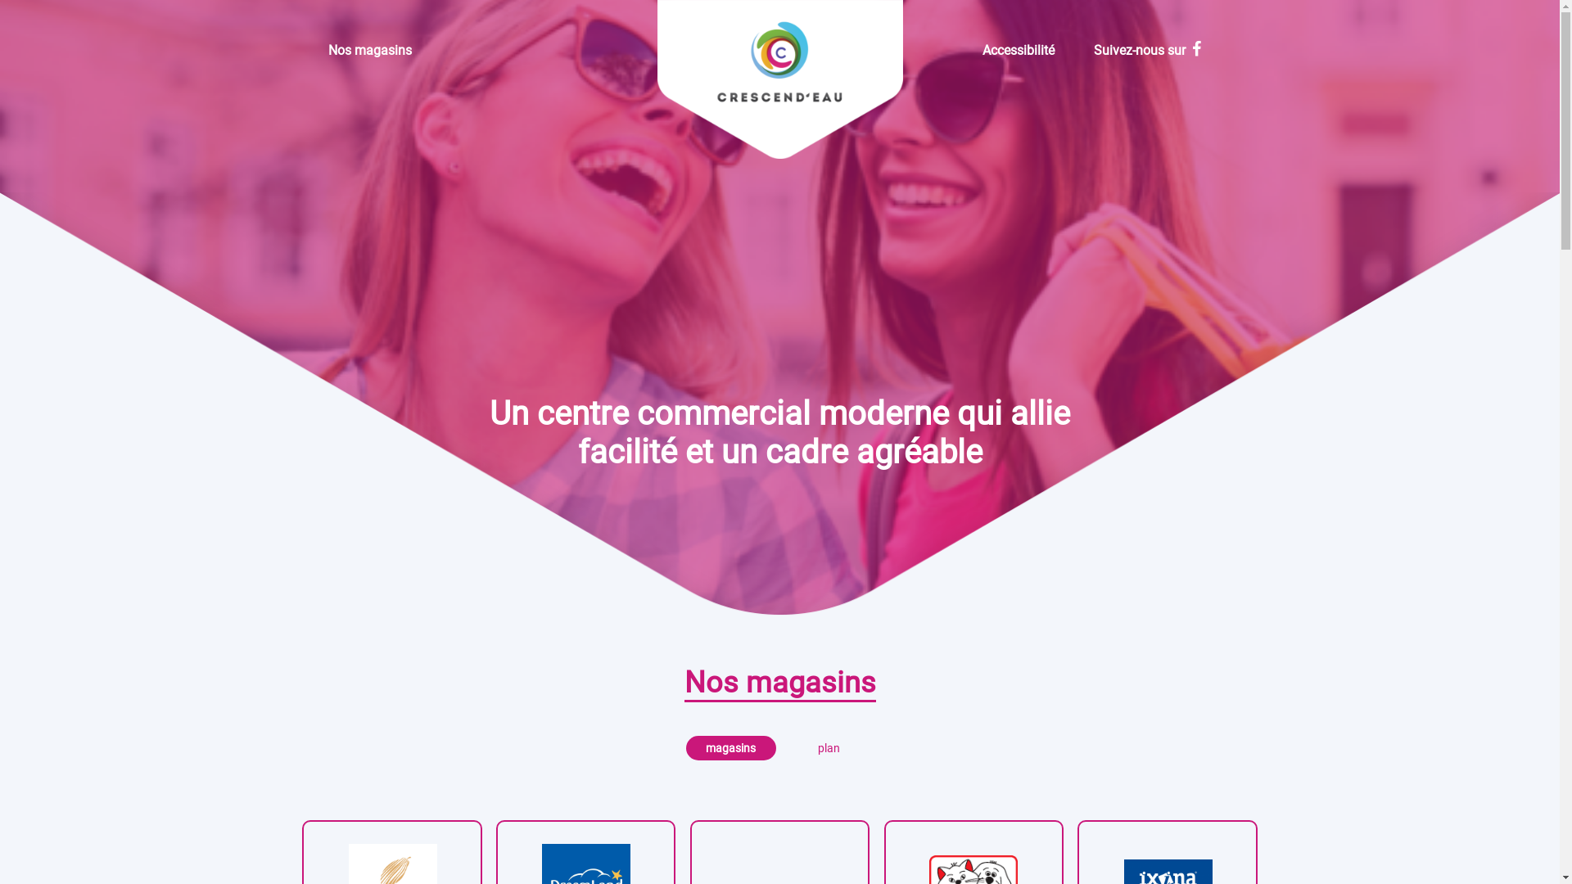 The height and width of the screenshot is (884, 1572). Describe the element at coordinates (368, 49) in the screenshot. I see `'Nos magasins'` at that location.